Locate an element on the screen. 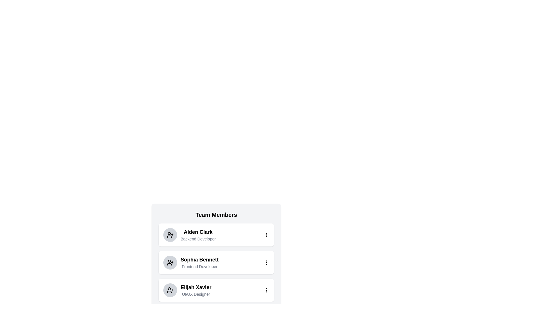 Image resolution: width=553 pixels, height=311 pixels. the text display that shows 'Elijah Xavier' followed by 'UI/UX Designer', which is located at the bottom of the third user card in a vertically stacked list is located at coordinates (196, 290).